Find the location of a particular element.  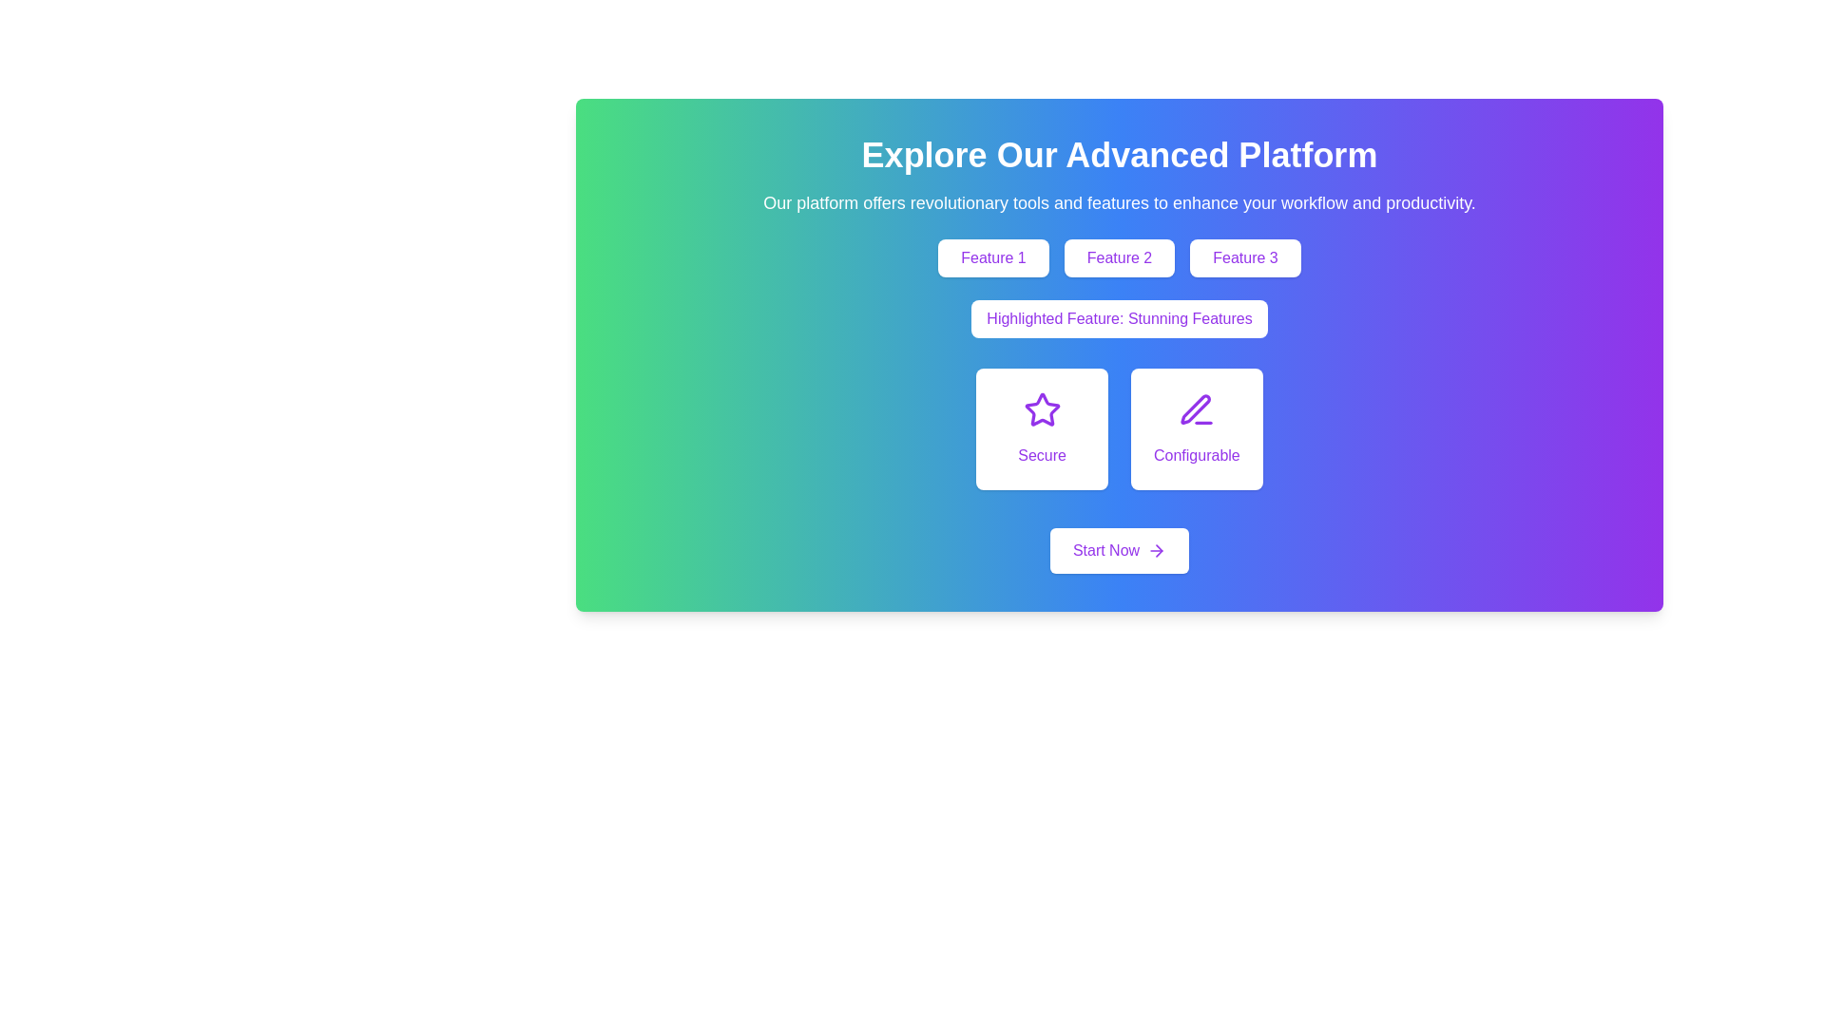

the text display component that highlights 'Stunning Features', positioned centrally below the buttons labeled Feature 1, Feature 2, and Feature 3, and directly above the cards labeled Secure and Configurable is located at coordinates (1119, 317).